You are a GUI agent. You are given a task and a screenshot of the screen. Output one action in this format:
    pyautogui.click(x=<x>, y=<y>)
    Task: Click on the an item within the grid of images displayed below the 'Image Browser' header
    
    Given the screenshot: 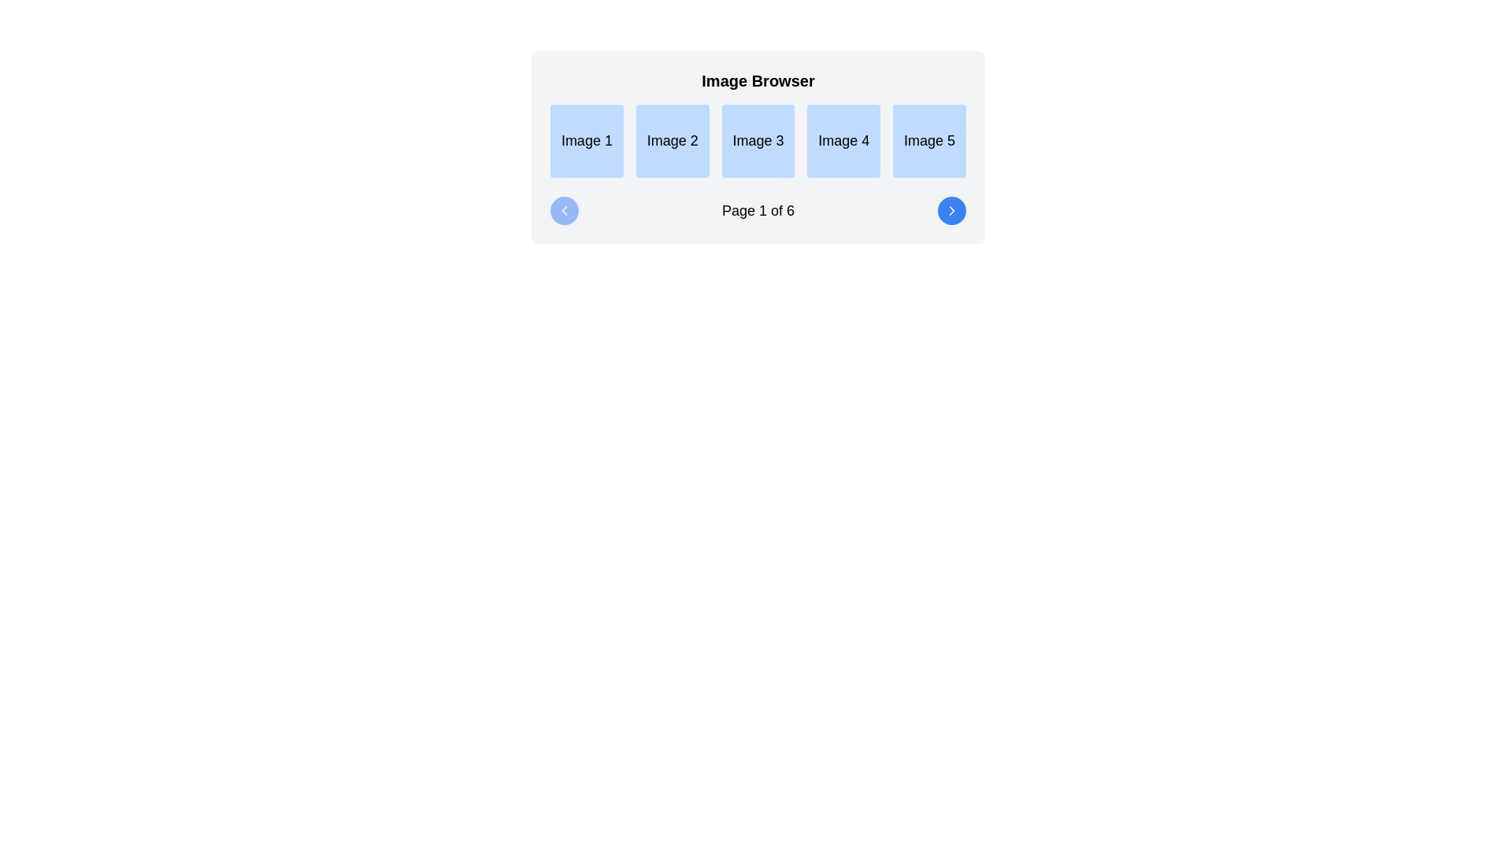 What is the action you would take?
    pyautogui.click(x=758, y=139)
    